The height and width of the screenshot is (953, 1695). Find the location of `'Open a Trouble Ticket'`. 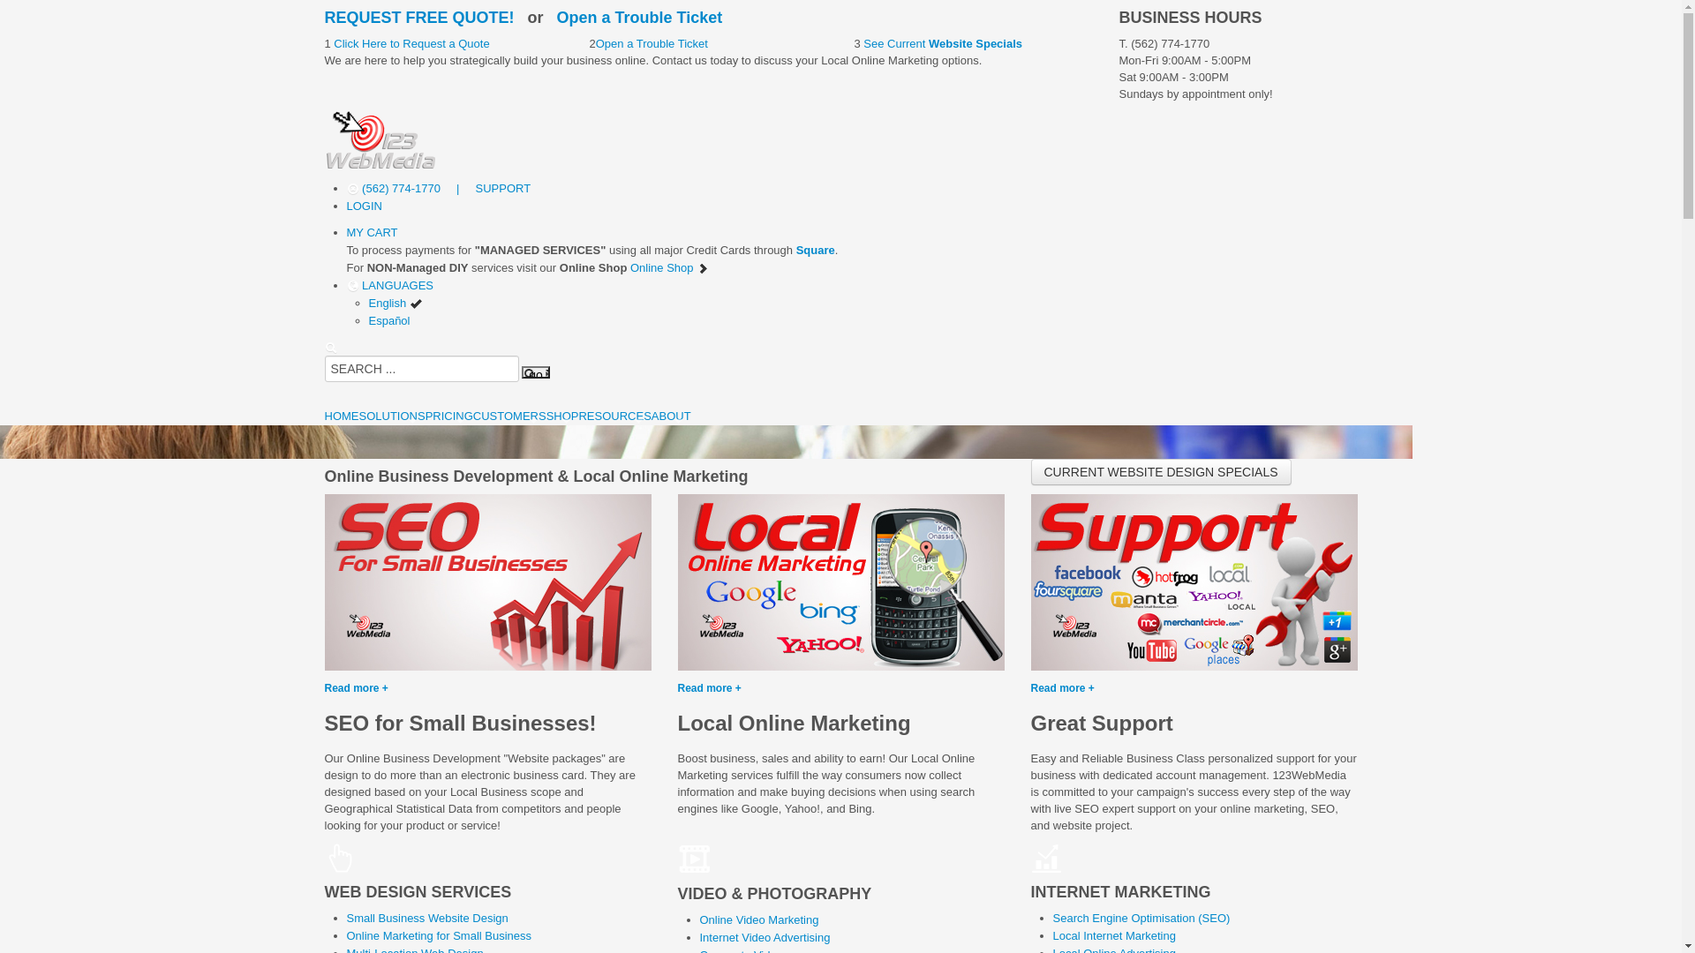

'Open a Trouble Ticket' is located at coordinates (638, 17).